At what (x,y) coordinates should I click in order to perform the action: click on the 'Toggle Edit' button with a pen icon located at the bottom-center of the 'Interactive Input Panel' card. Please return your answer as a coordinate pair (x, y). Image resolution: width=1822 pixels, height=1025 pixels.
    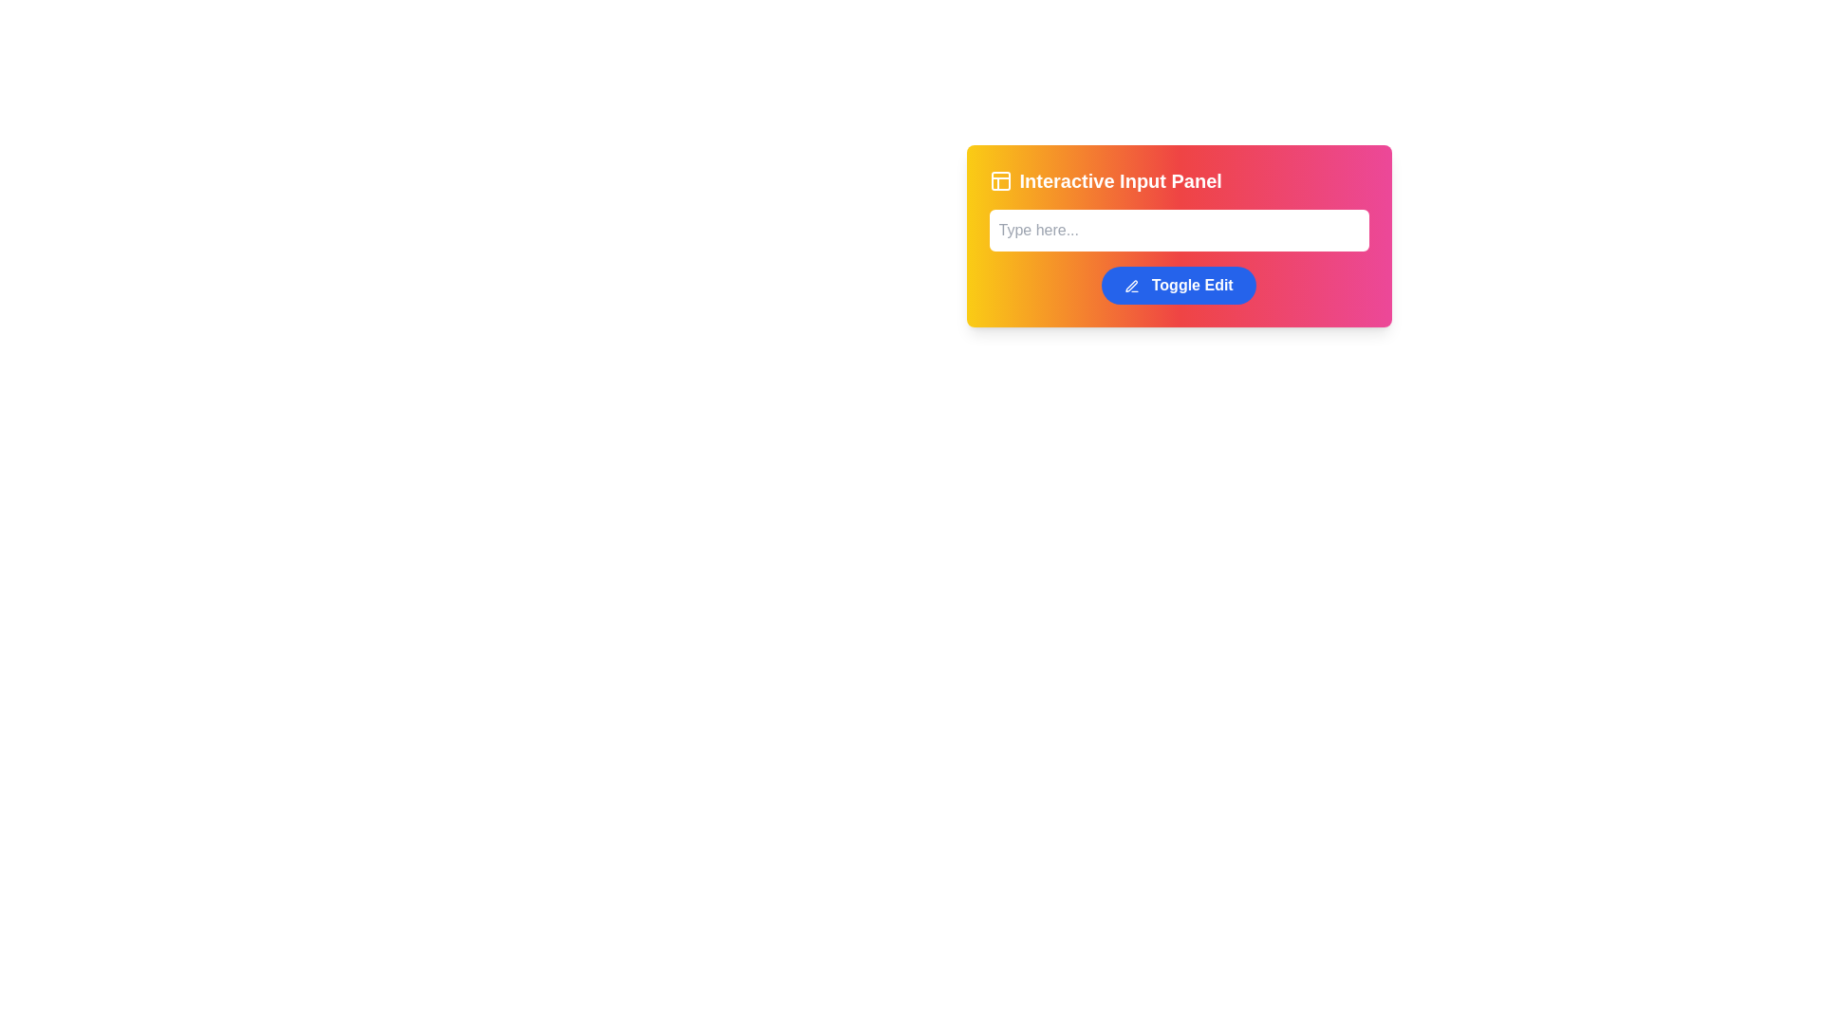
    Looking at the image, I should click on (1178, 285).